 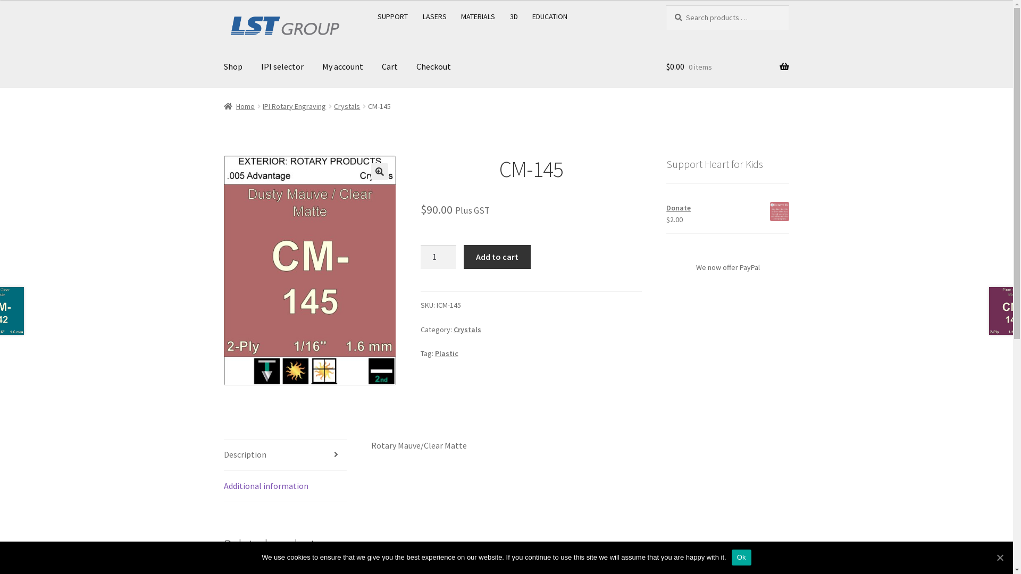 What do you see at coordinates (282, 67) in the screenshot?
I see `'IPI selector'` at bounding box center [282, 67].